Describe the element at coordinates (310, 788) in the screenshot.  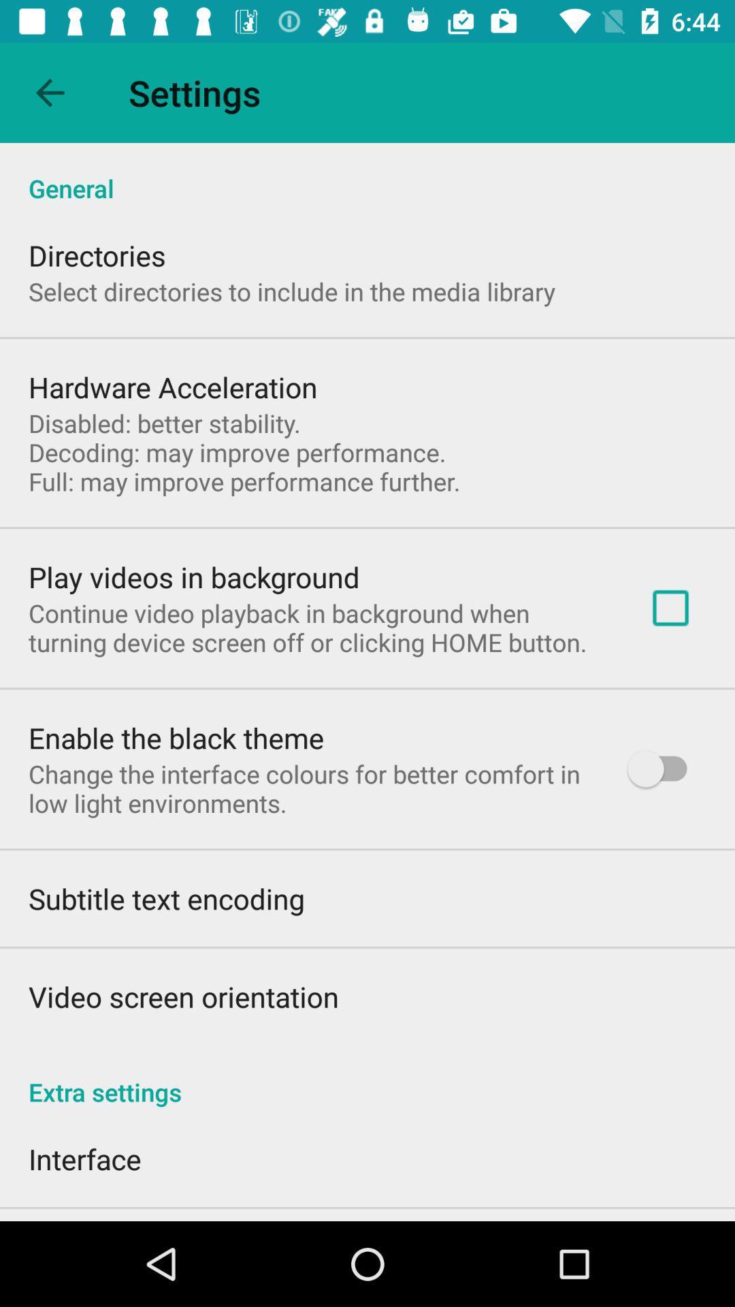
I see `item above subtitle text encoding item` at that location.